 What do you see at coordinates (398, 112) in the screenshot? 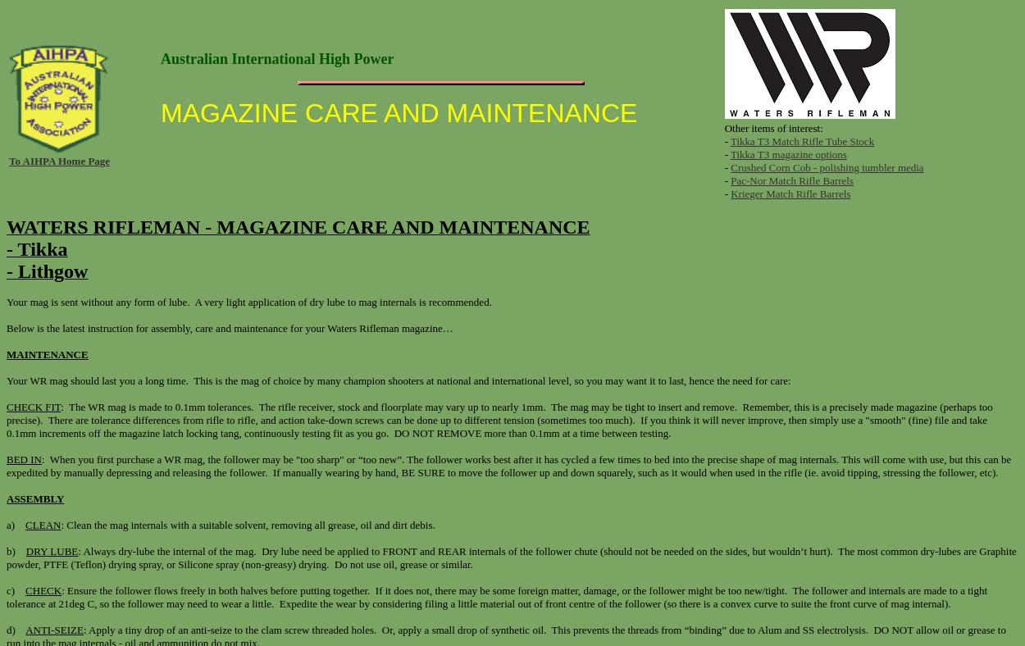
I see `'MAGAZINE CARE AND MAINTENANCE'` at bounding box center [398, 112].